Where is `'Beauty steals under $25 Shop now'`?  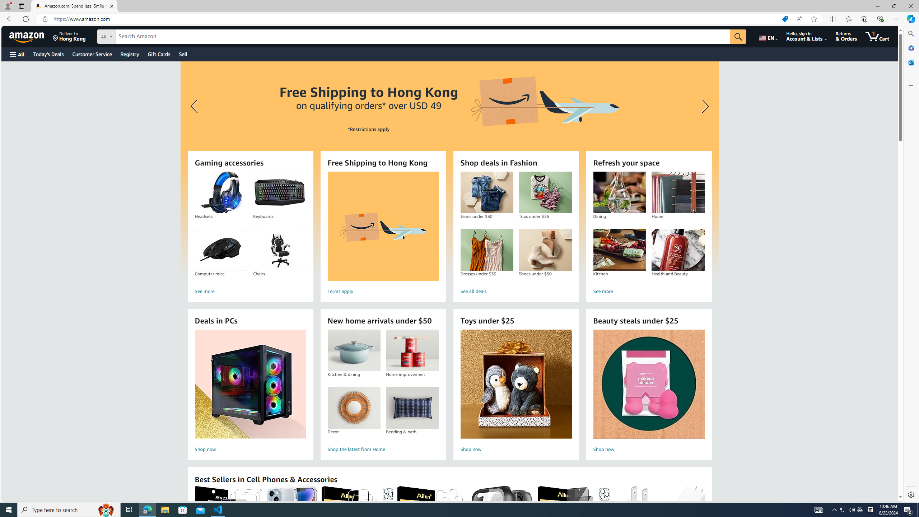
'Beauty steals under $25 Shop now' is located at coordinates (649, 392).